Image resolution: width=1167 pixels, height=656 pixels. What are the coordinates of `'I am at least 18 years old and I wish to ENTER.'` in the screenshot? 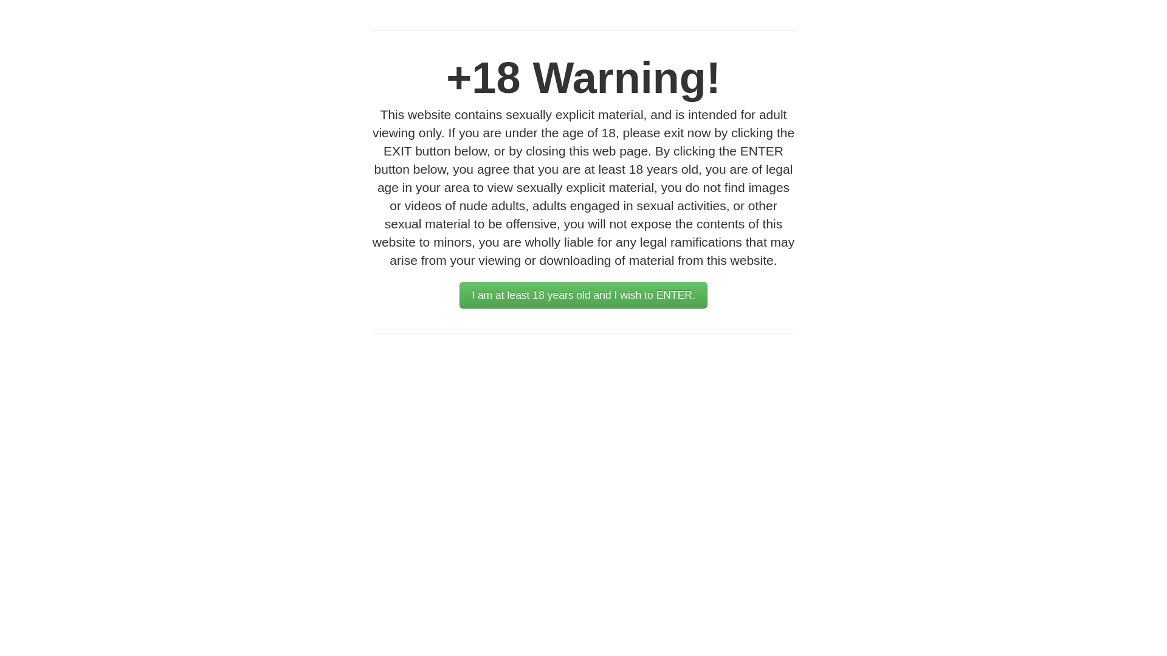 It's located at (583, 295).